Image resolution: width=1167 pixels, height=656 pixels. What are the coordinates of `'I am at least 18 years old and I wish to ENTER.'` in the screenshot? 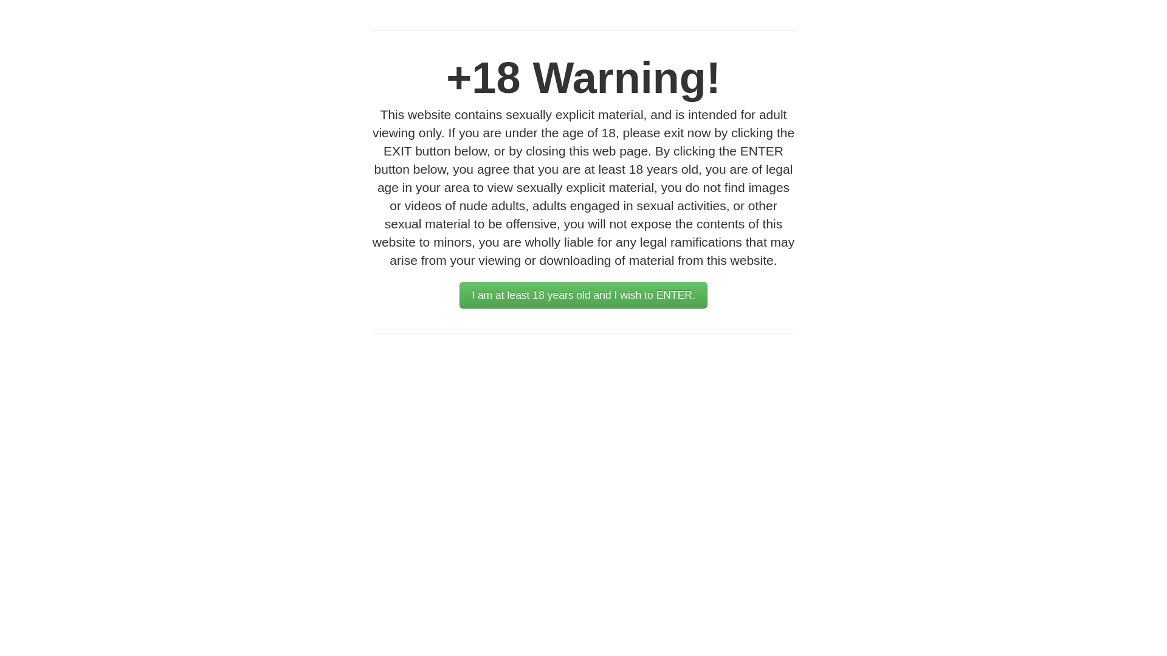 It's located at (583, 295).